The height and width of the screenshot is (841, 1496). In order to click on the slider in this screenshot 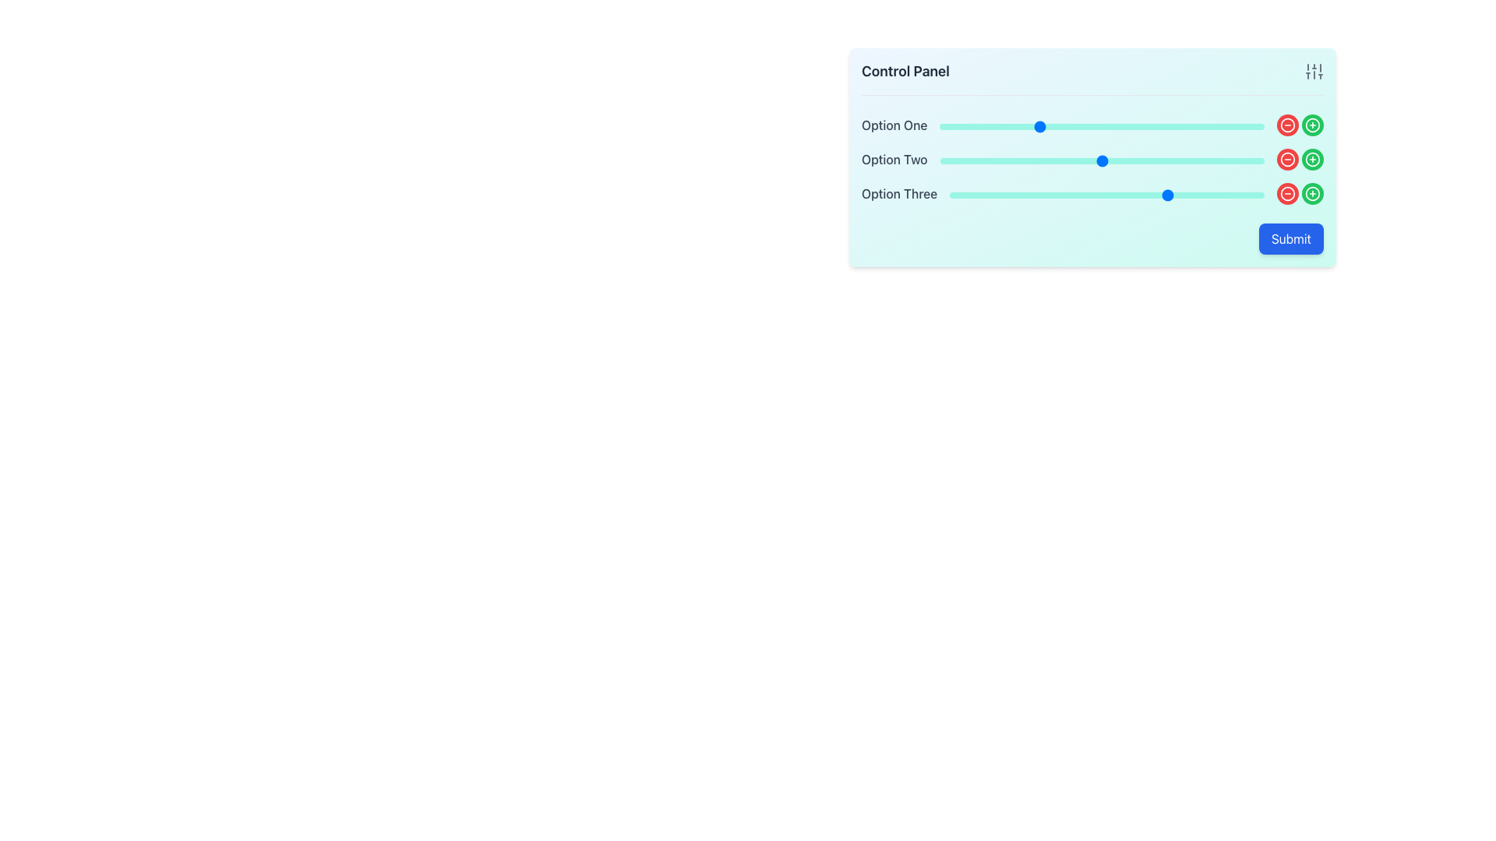, I will do `click(1040, 161)`.